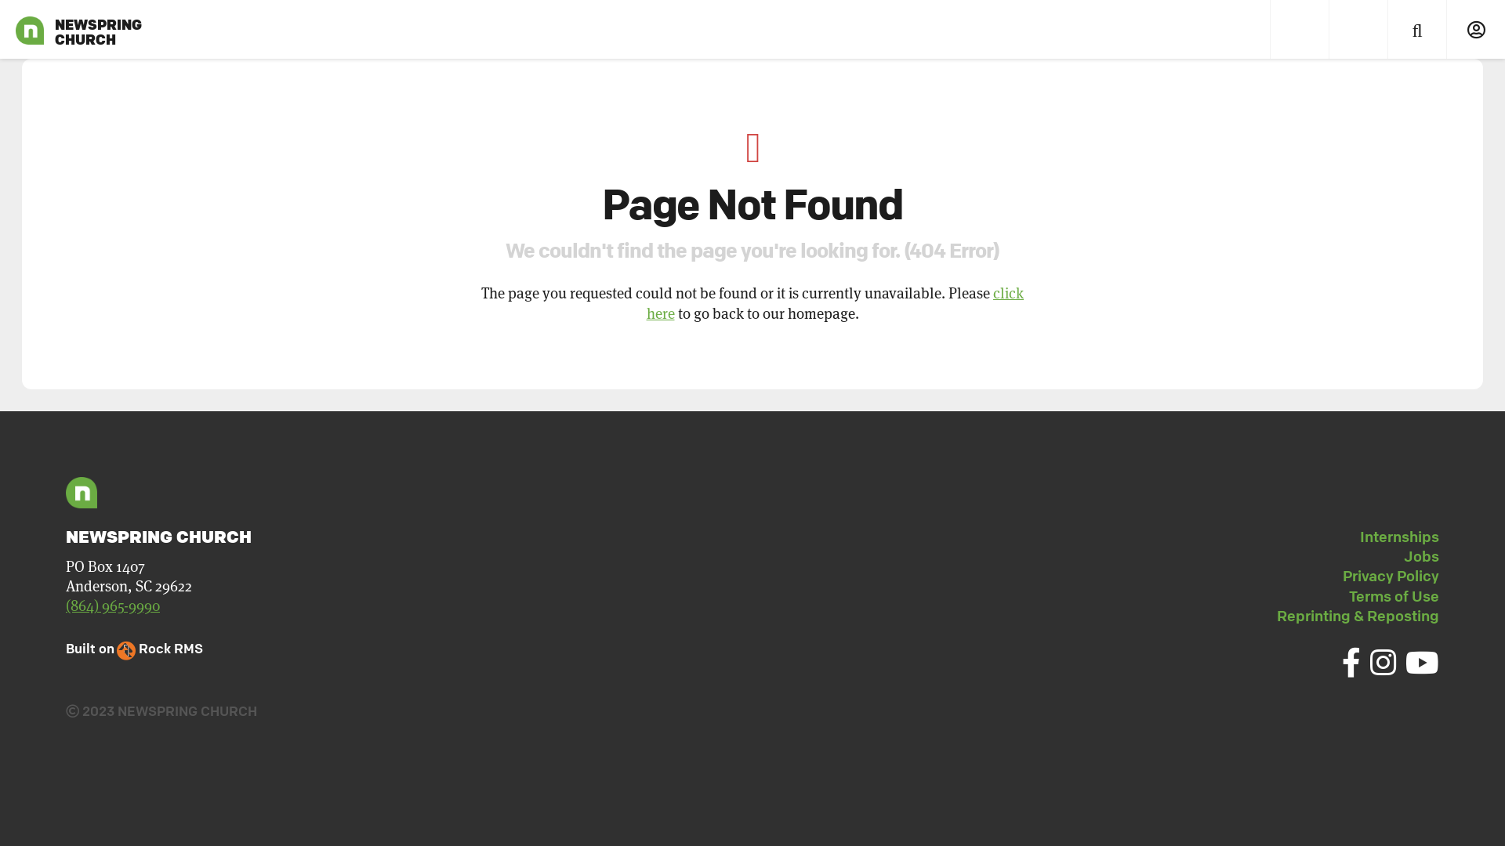  What do you see at coordinates (834, 302) in the screenshot?
I see `'click here'` at bounding box center [834, 302].